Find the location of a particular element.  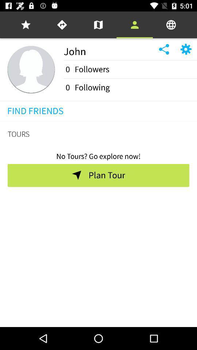

the item to the right of the 0 is located at coordinates (92, 87).